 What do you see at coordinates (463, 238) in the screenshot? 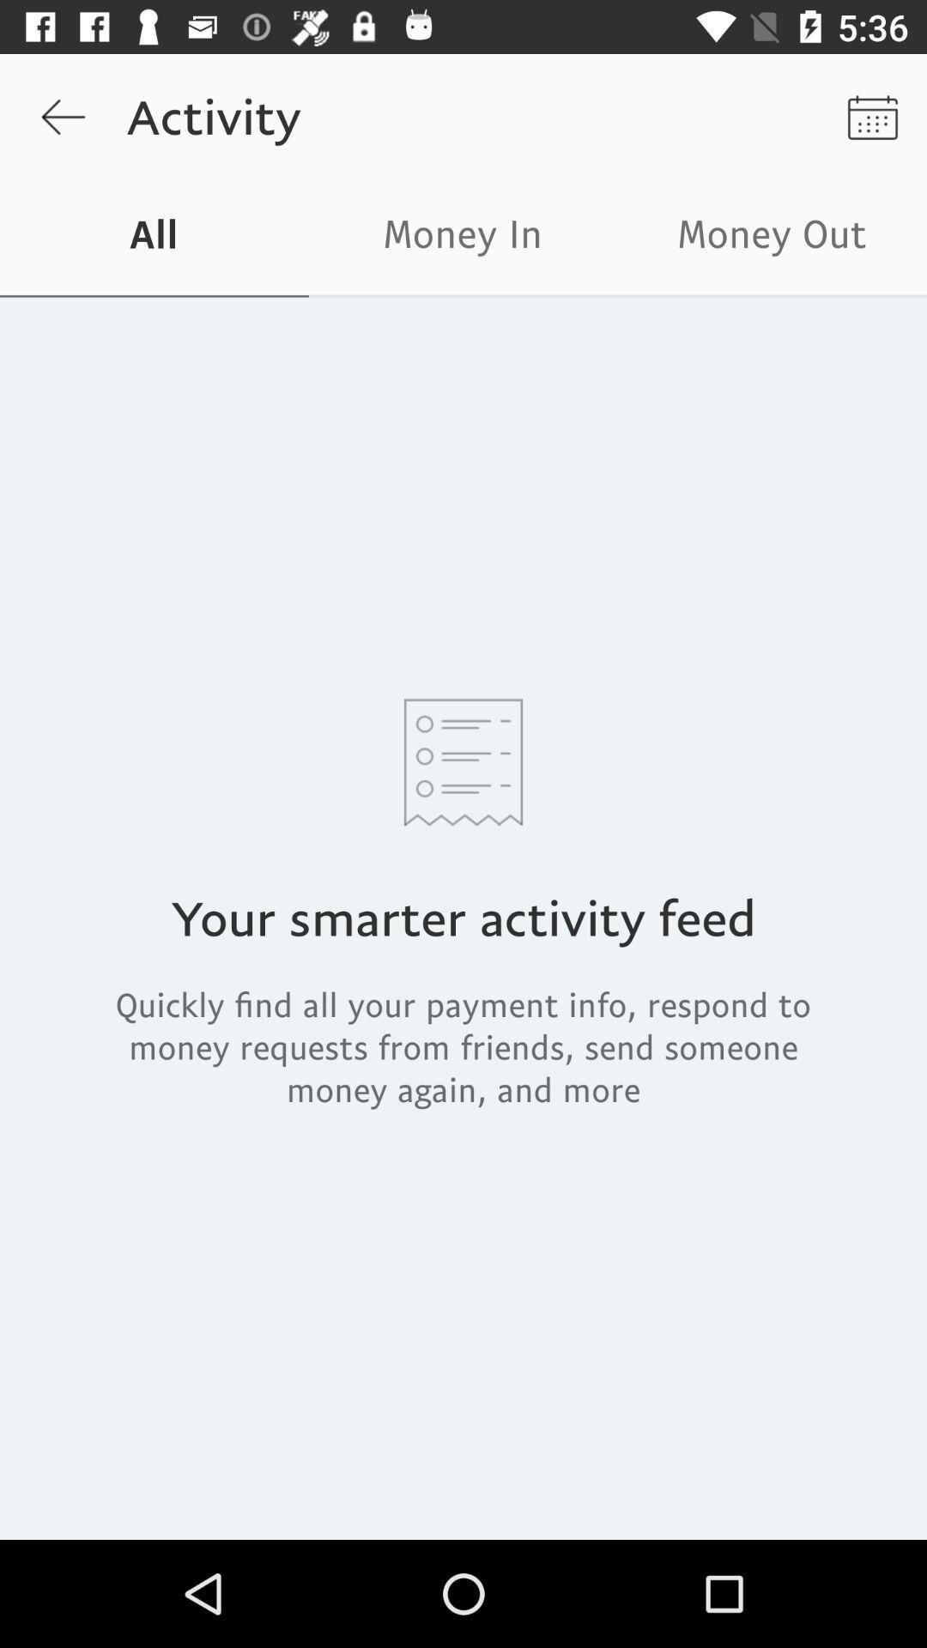
I see `the item below the activity item` at bounding box center [463, 238].